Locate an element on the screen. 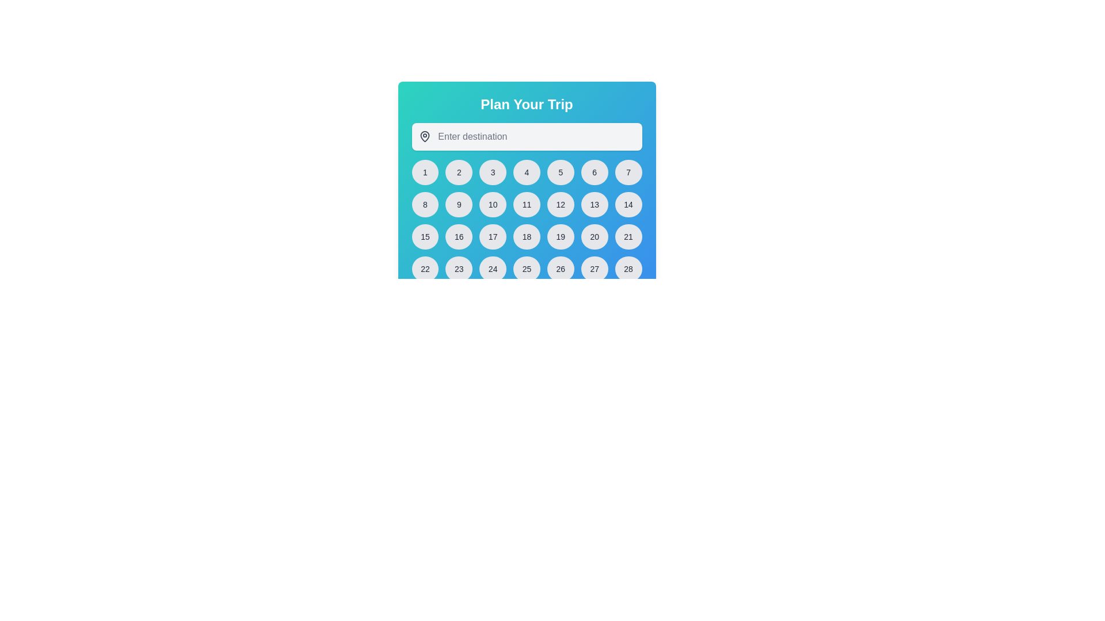 Image resolution: width=1105 pixels, height=621 pixels. the button located in the fifth column of the third row of a grid-based layout is located at coordinates (561, 236).